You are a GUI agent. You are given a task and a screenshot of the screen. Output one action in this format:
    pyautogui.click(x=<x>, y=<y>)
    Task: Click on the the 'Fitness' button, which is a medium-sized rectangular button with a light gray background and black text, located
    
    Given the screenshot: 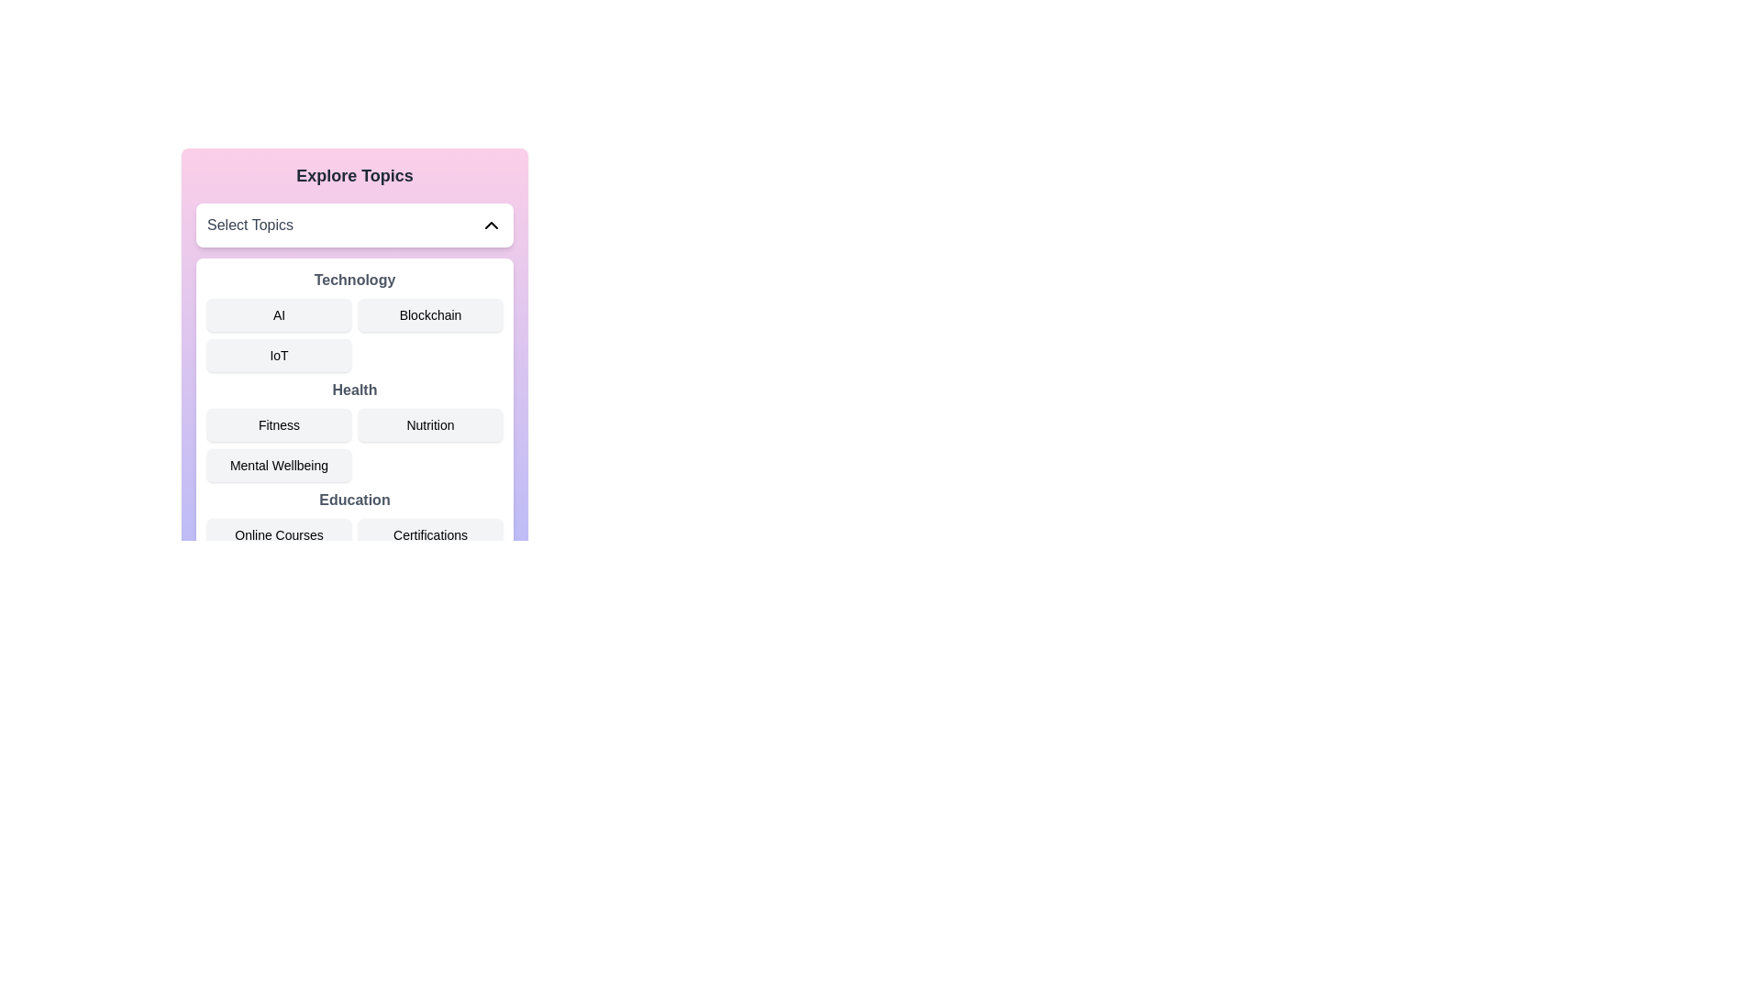 What is the action you would take?
    pyautogui.click(x=278, y=424)
    